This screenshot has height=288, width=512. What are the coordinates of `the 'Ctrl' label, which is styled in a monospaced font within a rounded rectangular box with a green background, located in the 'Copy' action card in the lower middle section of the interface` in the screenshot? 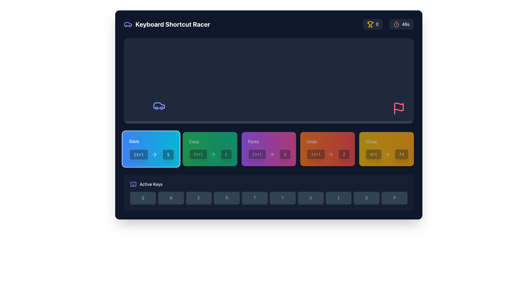 It's located at (203, 154).